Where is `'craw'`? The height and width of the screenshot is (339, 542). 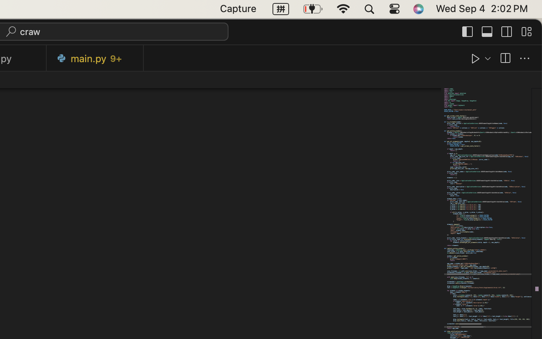 'craw' is located at coordinates (30, 31).